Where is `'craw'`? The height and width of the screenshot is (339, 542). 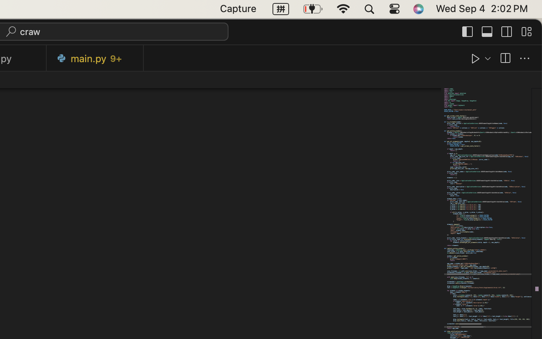 'craw' is located at coordinates (30, 31).